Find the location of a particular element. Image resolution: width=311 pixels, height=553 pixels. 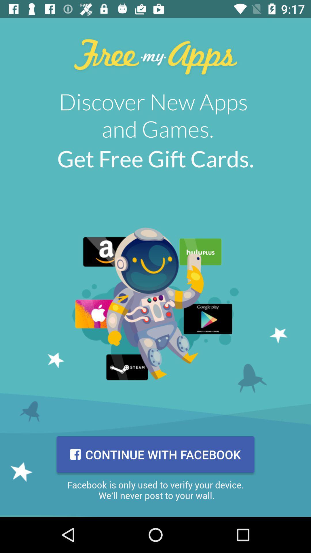

item above facebook is only item is located at coordinates (155, 454).